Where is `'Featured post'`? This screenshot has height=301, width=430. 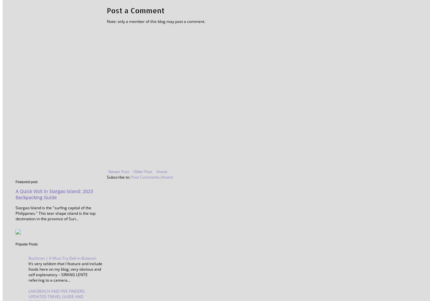 'Featured post' is located at coordinates (26, 181).